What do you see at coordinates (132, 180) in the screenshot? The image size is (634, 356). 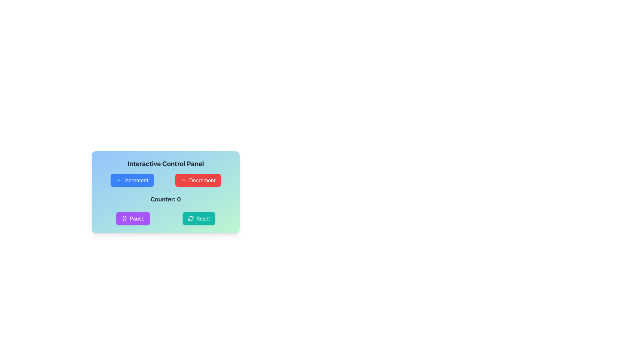 I see `the leftmost button in the 'Interactive Control Panel' to increment the counter value by one` at bounding box center [132, 180].